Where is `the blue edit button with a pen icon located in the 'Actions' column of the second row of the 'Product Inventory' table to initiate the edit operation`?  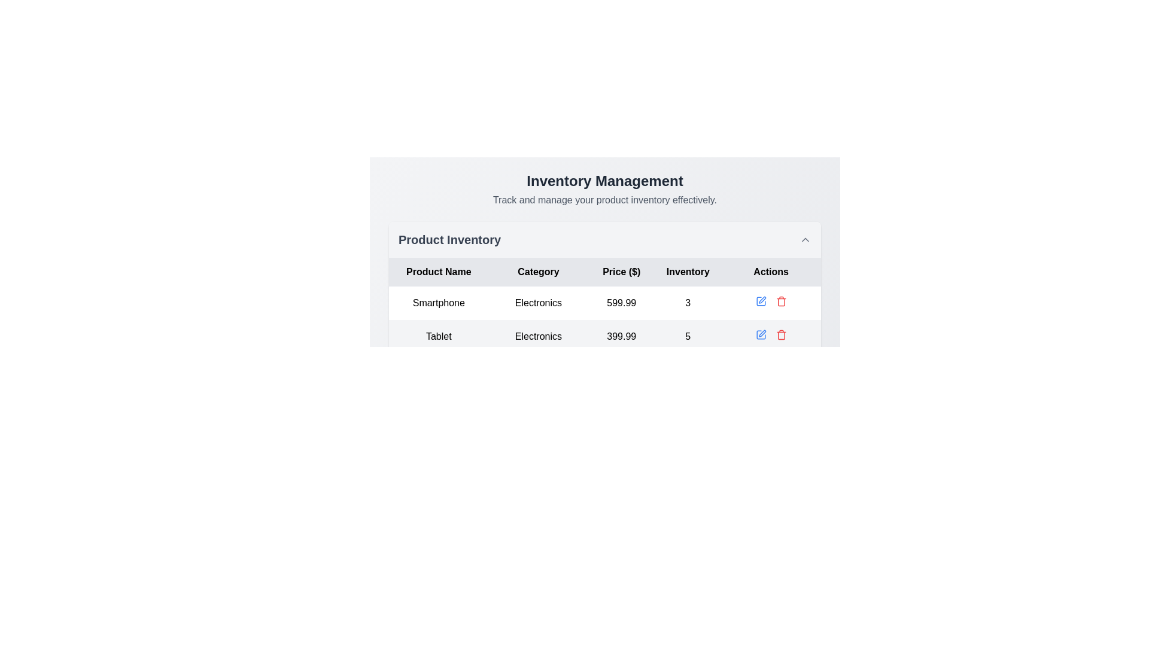
the blue edit button with a pen icon located in the 'Actions' column of the second row of the 'Product Inventory' table to initiate the edit operation is located at coordinates (760, 334).